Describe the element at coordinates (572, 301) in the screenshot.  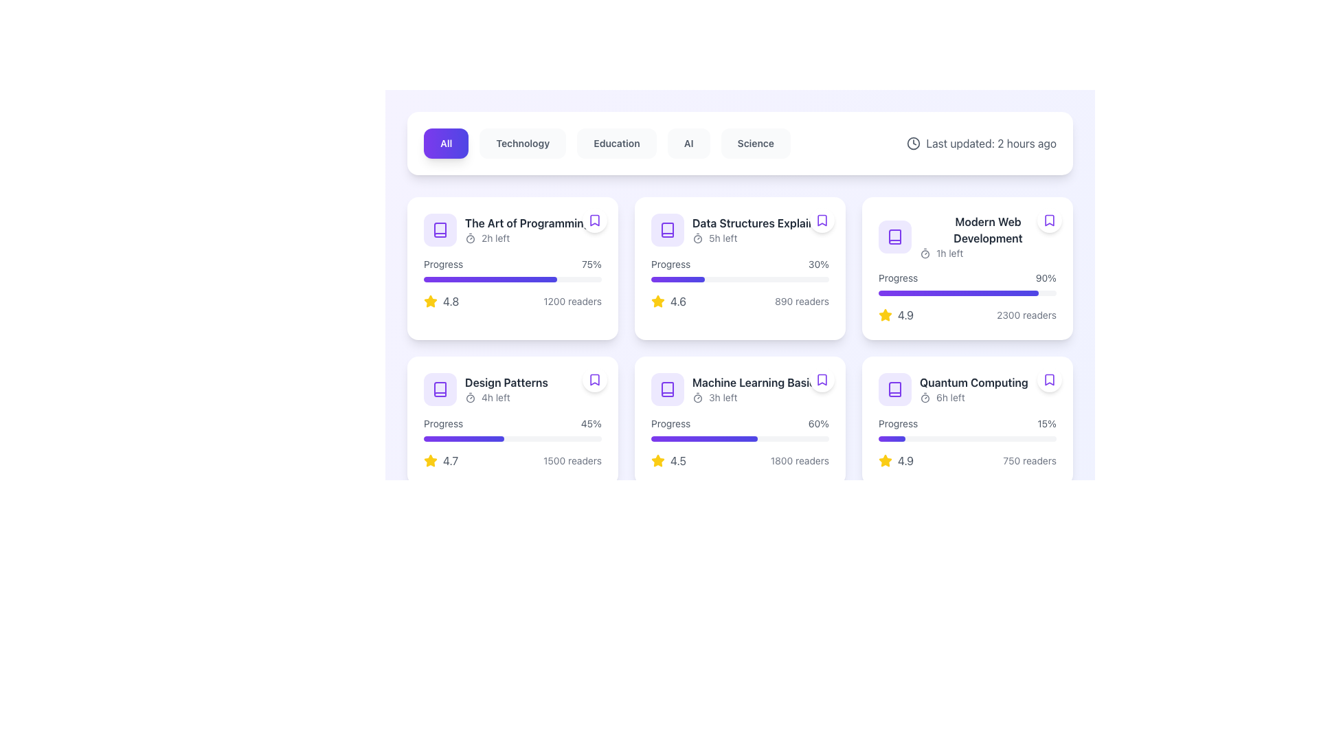
I see `the static text label displaying '1200 readers', which is styled in a smaller font with a light gray color and located in the lower section of the card labeled 'The Art of Programming'` at that location.